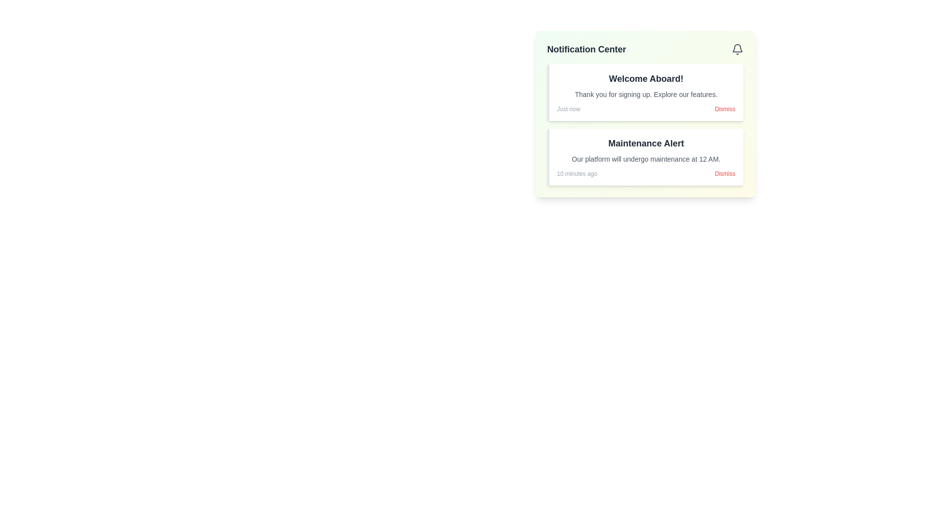 Image resolution: width=941 pixels, height=529 pixels. I want to click on the static text that reads 'Thank you for signing up. Explore our features.' located within the notification card under the title 'Welcome Aboard!', so click(646, 94).